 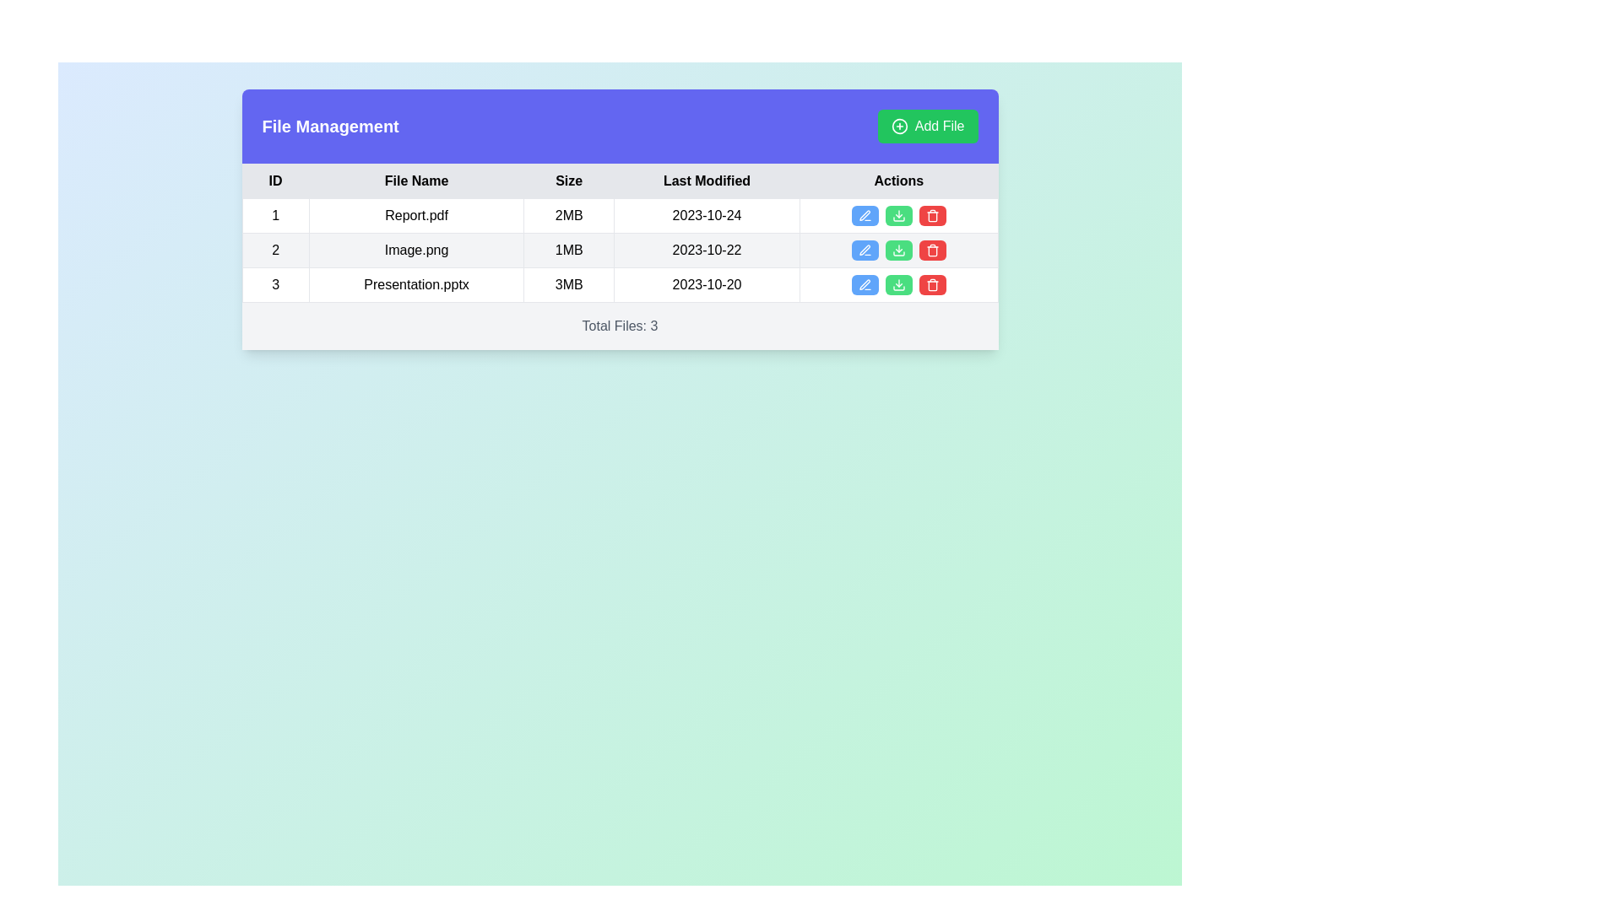 I want to click on keyboard navigation, so click(x=897, y=214).